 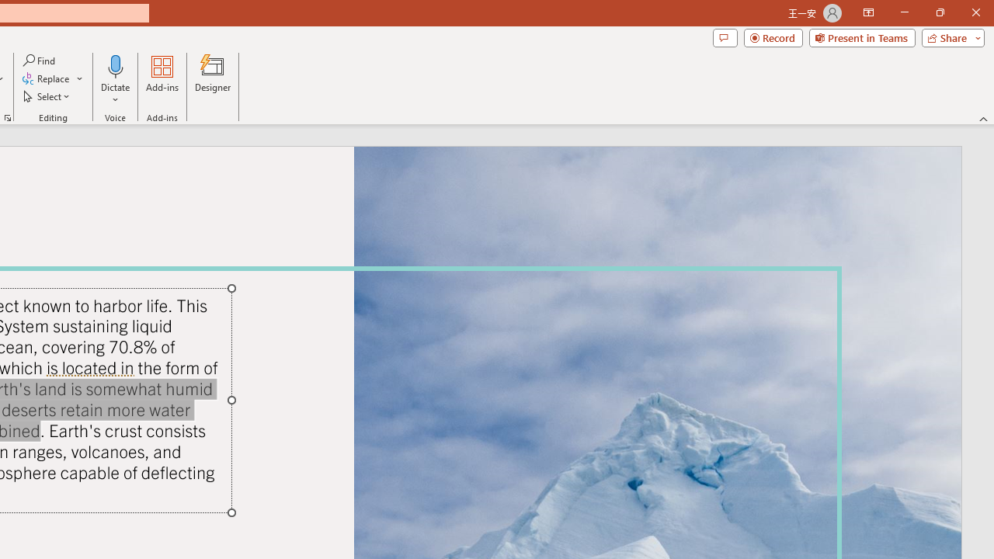 I want to click on 'Select', so click(x=47, y=96).